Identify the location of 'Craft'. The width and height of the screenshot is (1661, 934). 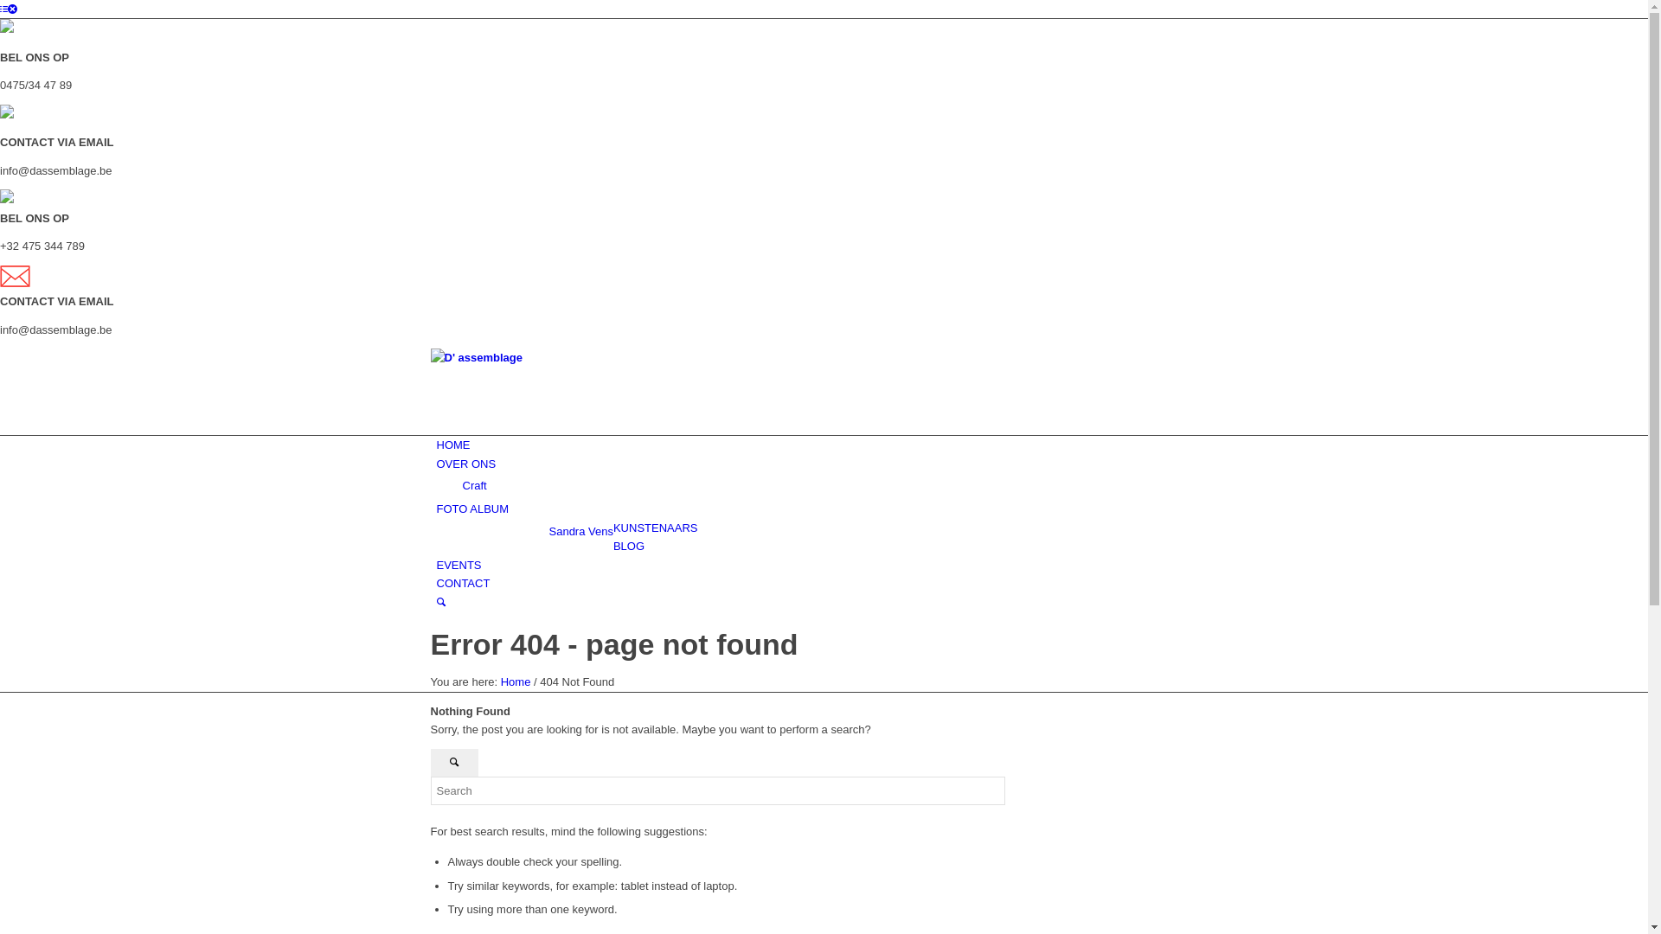
(473, 485).